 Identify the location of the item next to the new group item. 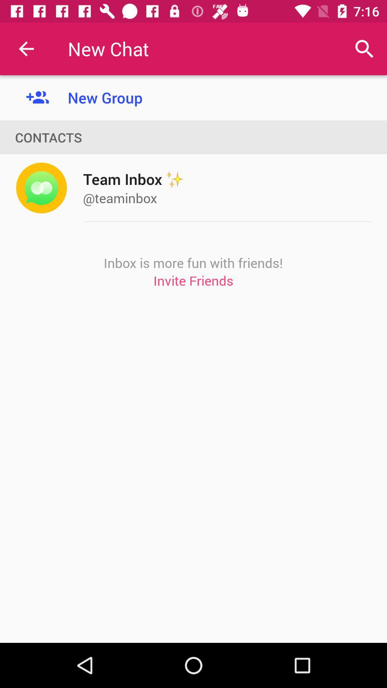
(26, 48).